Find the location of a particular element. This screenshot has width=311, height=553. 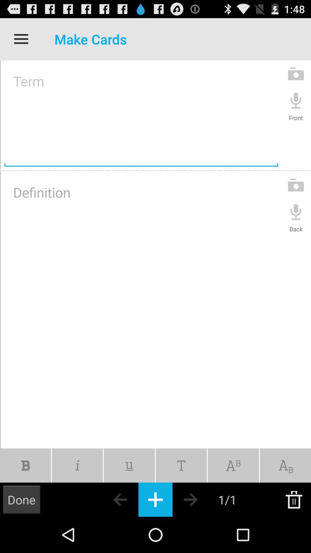

the item to the left of the 1/1 item is located at coordinates (201, 499).